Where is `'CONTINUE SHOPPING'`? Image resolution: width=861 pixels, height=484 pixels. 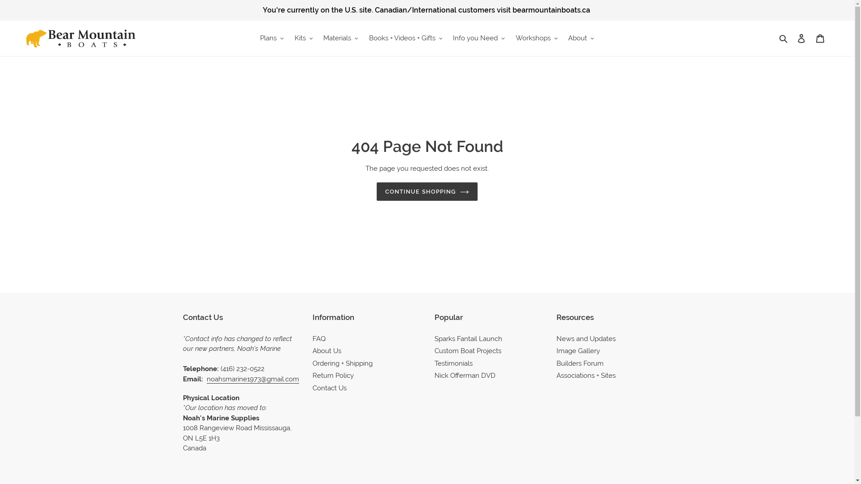 'CONTINUE SHOPPING' is located at coordinates (426, 191).